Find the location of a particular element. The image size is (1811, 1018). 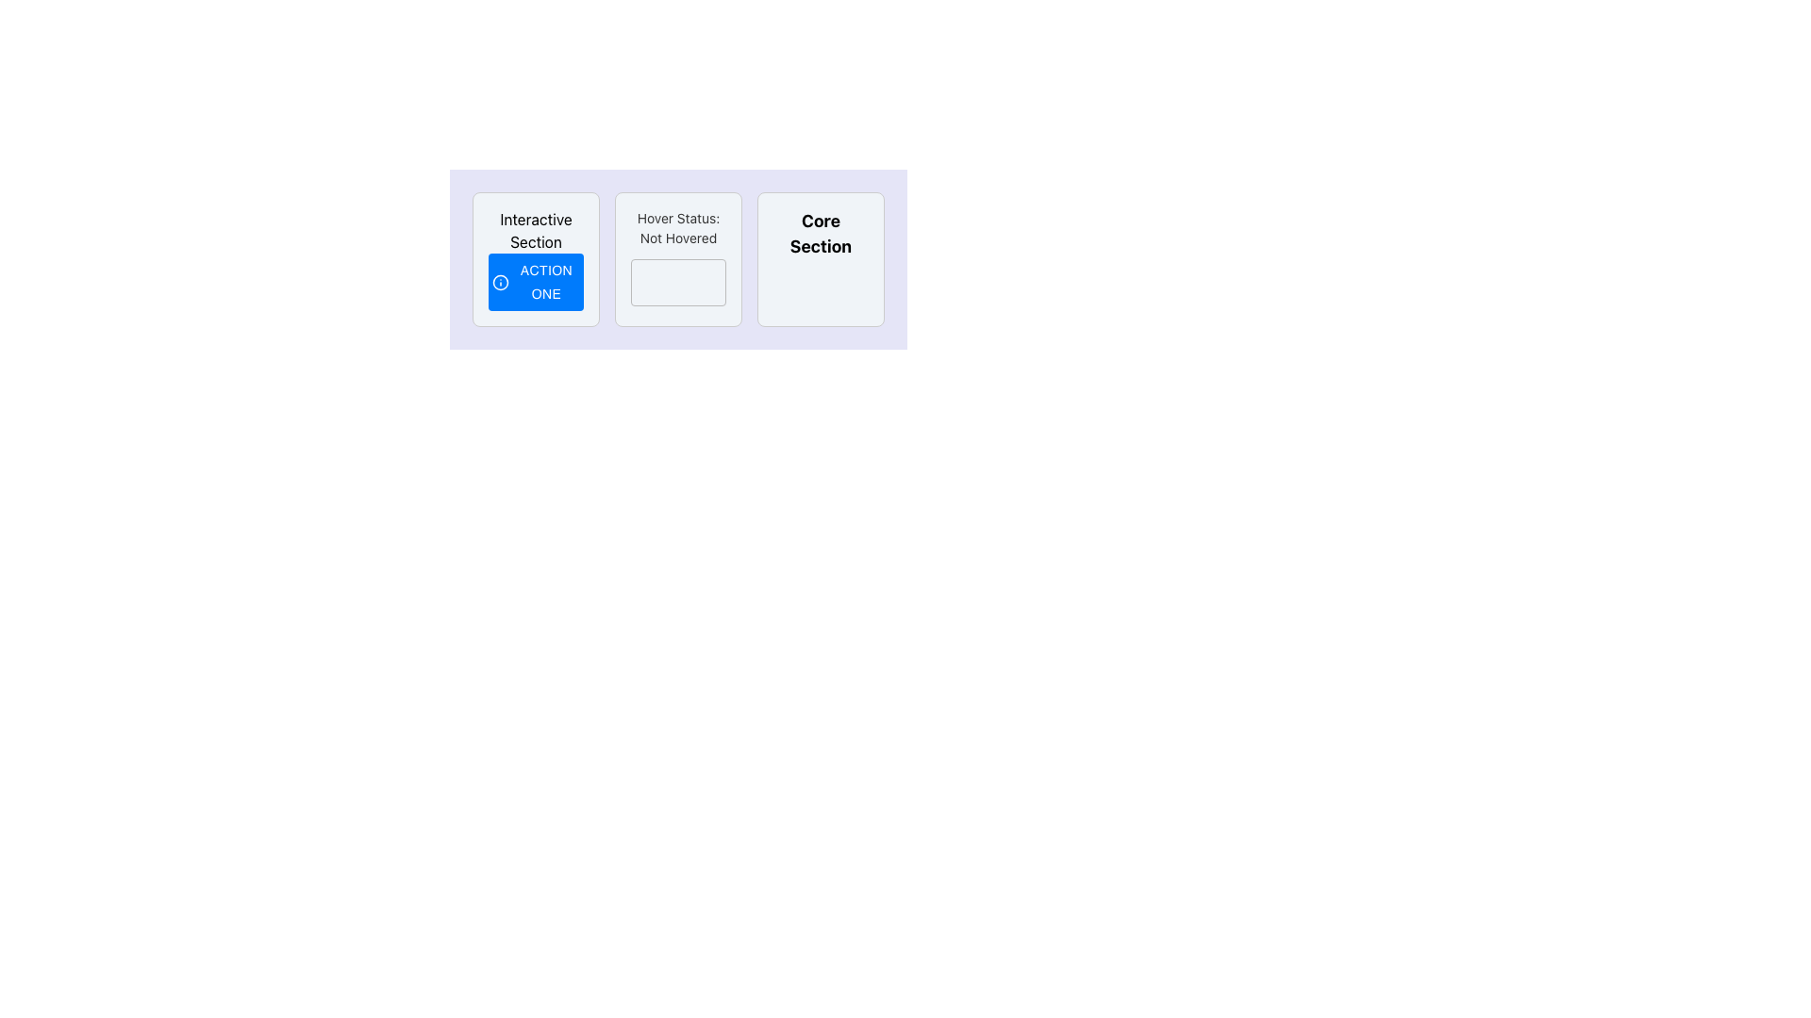

the visual indicator icon located within the 'Interactive Section' panel, to the left of the 'Action One' button is located at coordinates (501, 282).